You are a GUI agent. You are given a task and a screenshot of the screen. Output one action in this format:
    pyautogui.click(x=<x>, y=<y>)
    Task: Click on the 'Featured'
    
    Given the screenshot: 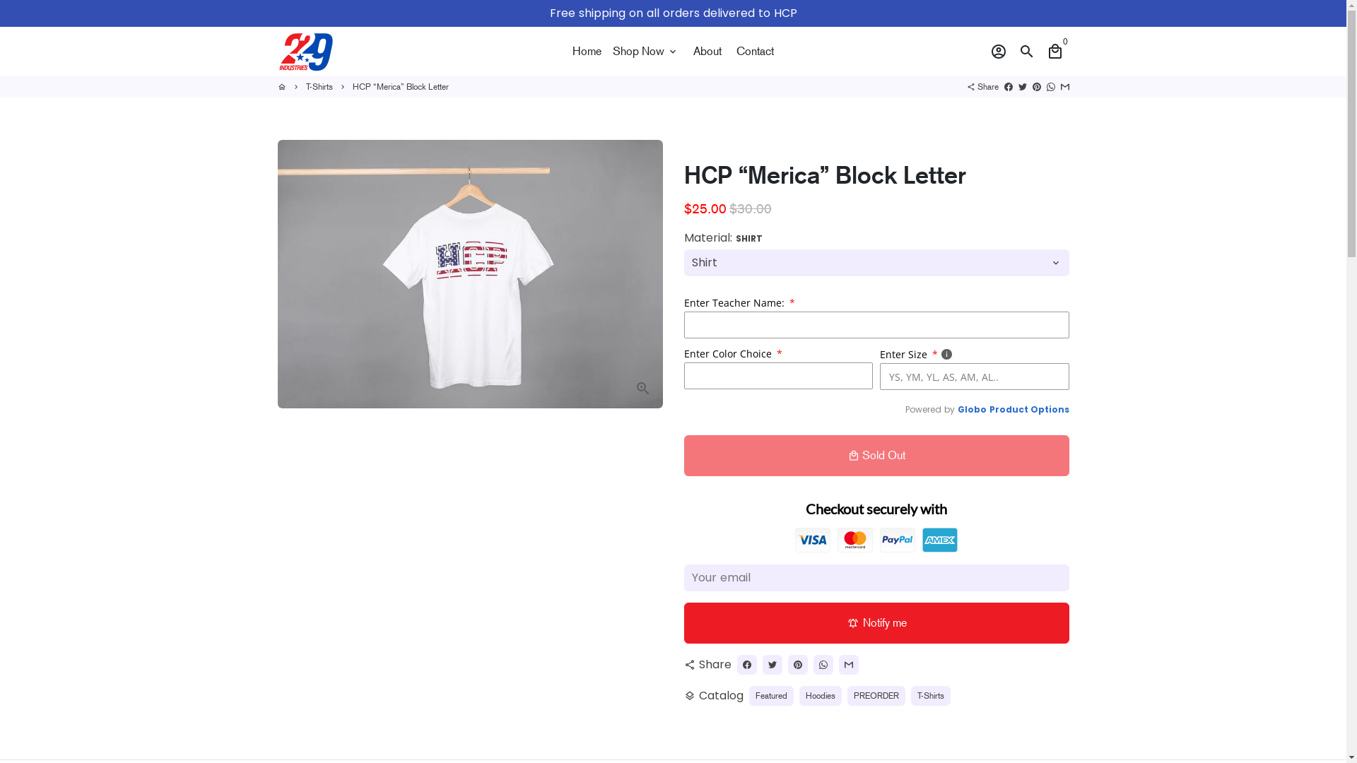 What is the action you would take?
    pyautogui.click(x=748, y=694)
    